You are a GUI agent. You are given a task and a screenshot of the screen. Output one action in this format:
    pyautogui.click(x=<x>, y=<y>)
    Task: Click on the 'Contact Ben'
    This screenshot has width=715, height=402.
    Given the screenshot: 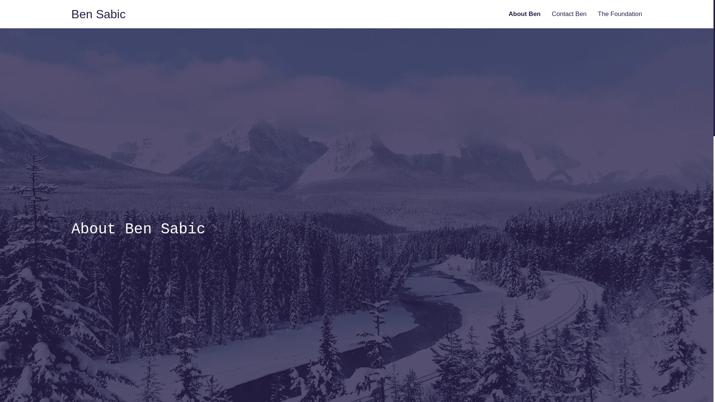 What is the action you would take?
    pyautogui.click(x=569, y=14)
    